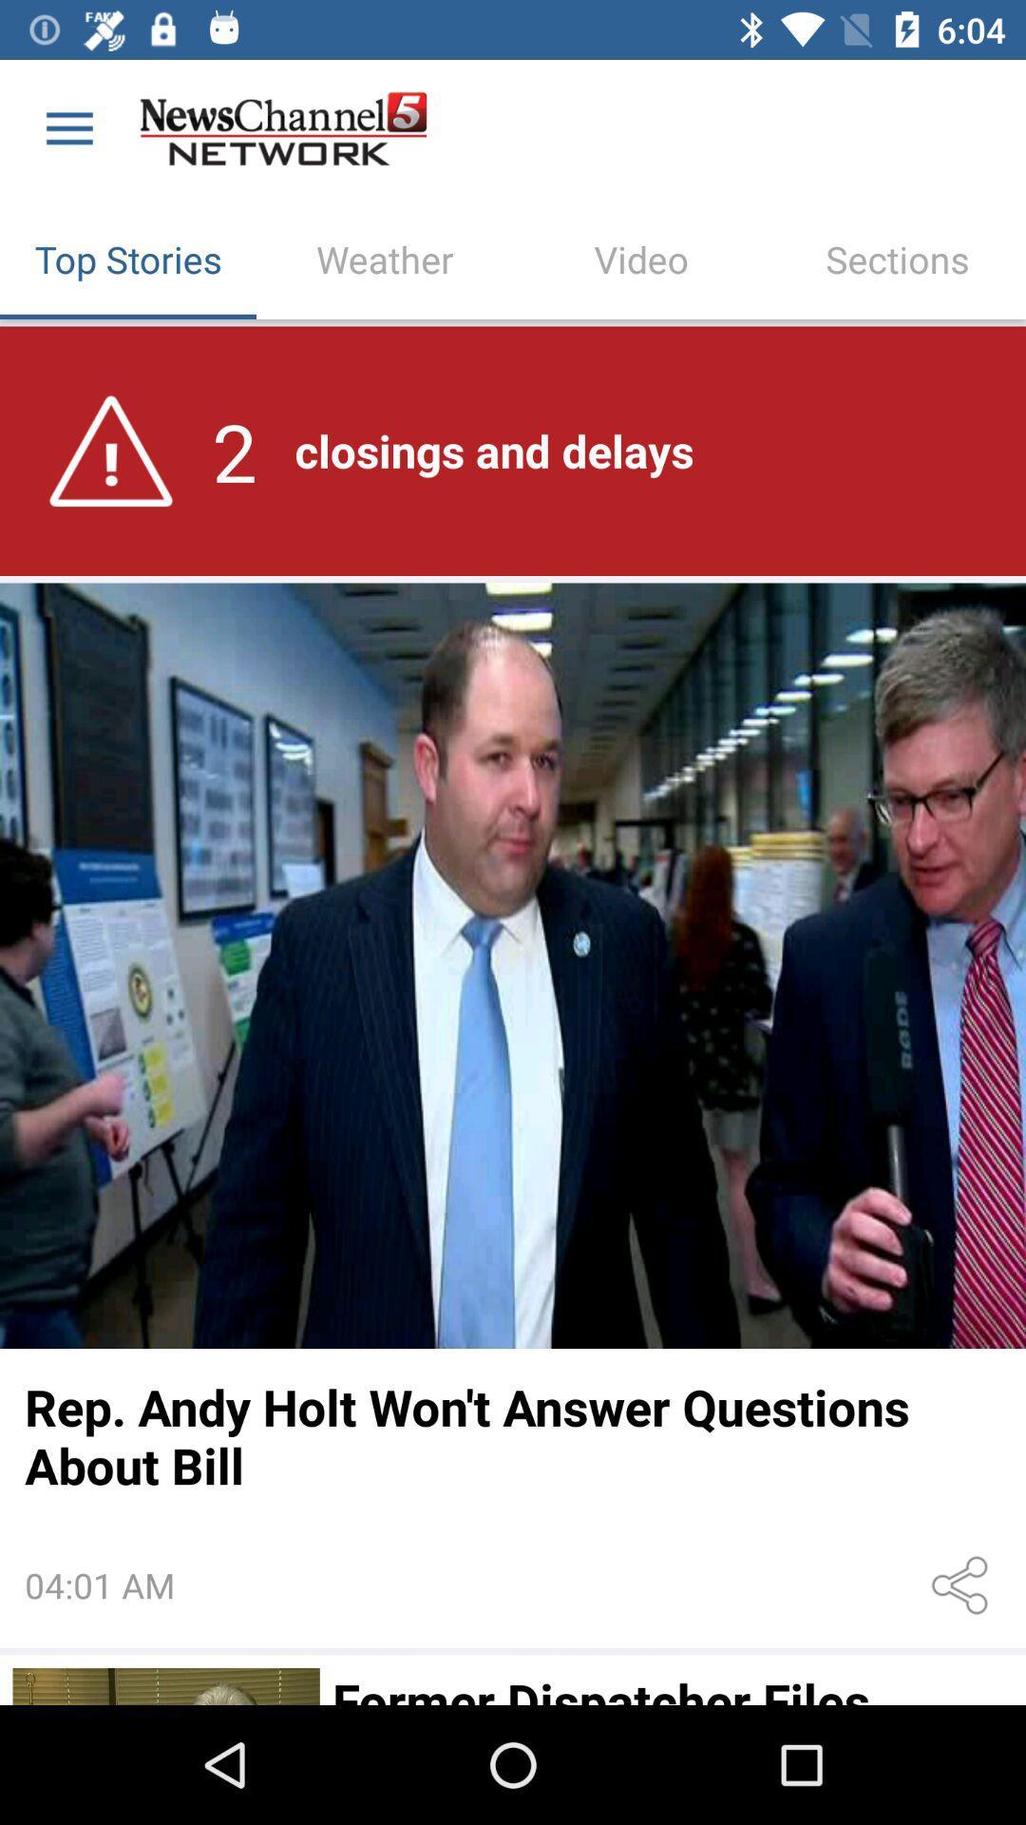 The height and width of the screenshot is (1825, 1026). What do you see at coordinates (513, 966) in the screenshot?
I see `image button` at bounding box center [513, 966].